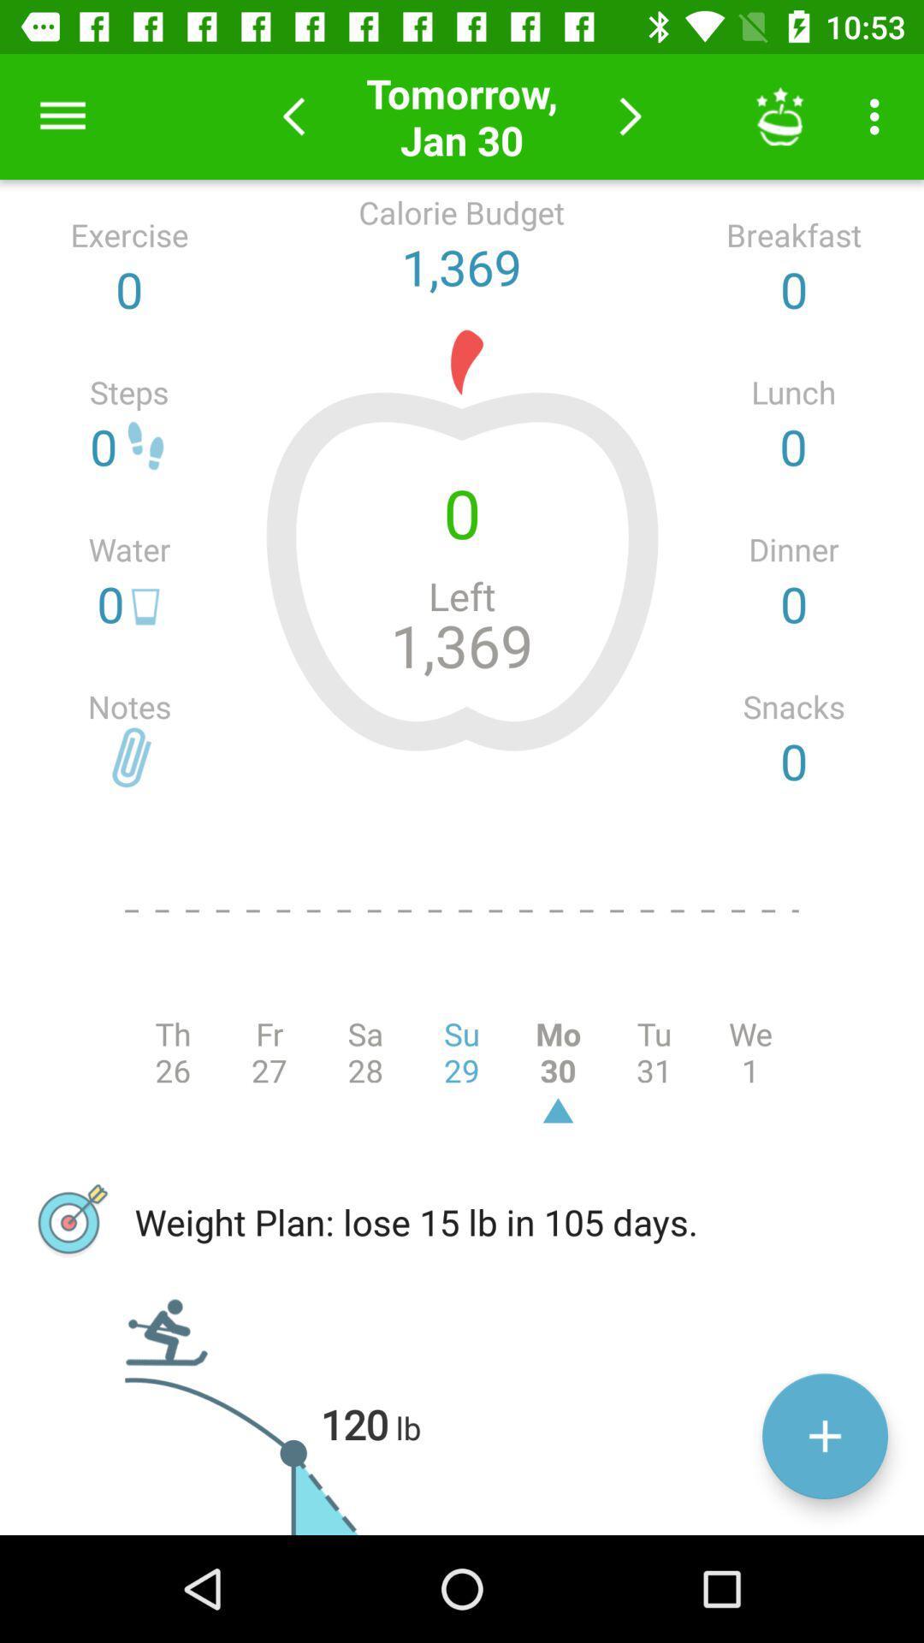  What do you see at coordinates (824, 1436) in the screenshot?
I see `the add icon` at bounding box center [824, 1436].